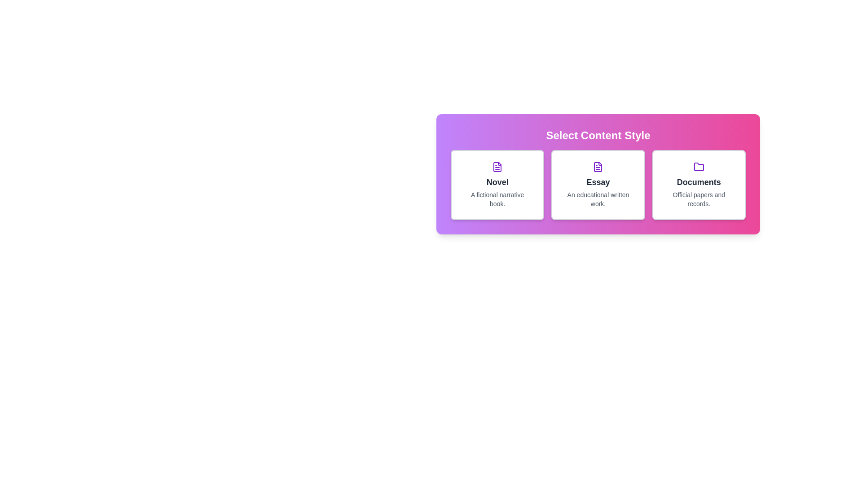 Image resolution: width=862 pixels, height=485 pixels. What do you see at coordinates (698, 182) in the screenshot?
I see `the 'Documents' text label, which is displayed in bold and large dark gray font within a white card, positioned below an icon and above descriptive text` at bounding box center [698, 182].